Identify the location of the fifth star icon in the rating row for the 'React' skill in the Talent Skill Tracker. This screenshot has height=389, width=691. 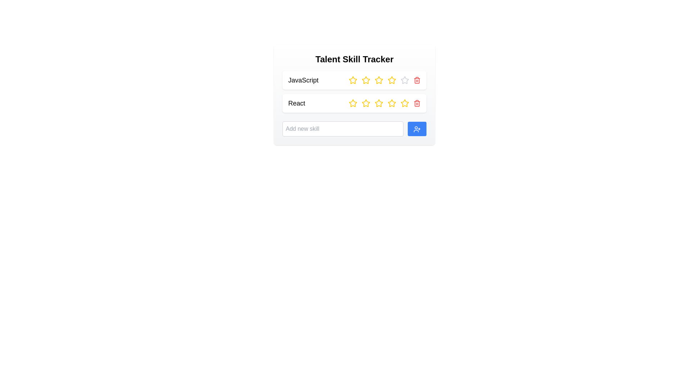
(378, 103).